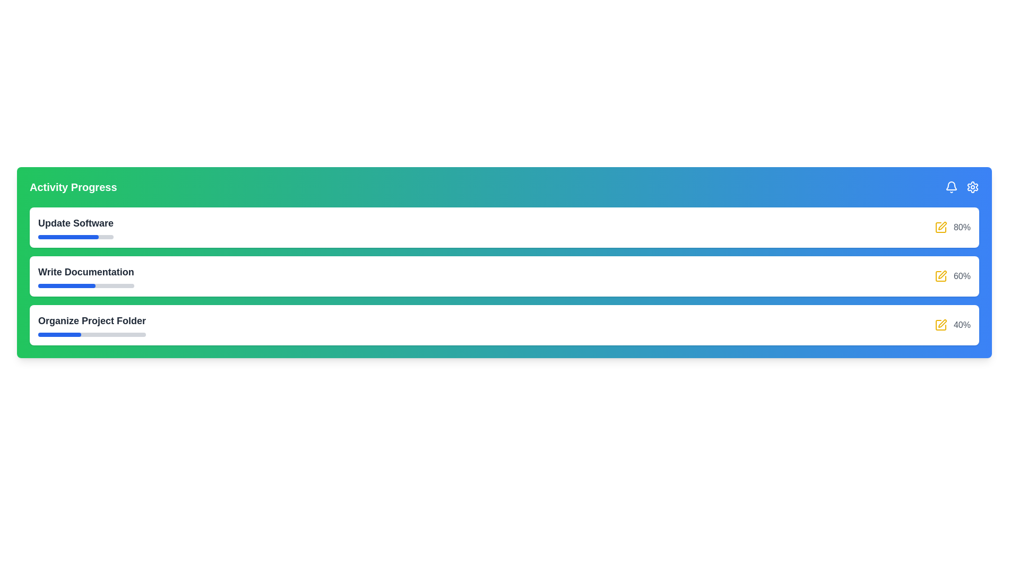 The width and height of the screenshot is (1019, 573). What do you see at coordinates (73, 187) in the screenshot?
I see `the header label that serves as the title for the section, positioned at the leftmost region above the task-related items` at bounding box center [73, 187].